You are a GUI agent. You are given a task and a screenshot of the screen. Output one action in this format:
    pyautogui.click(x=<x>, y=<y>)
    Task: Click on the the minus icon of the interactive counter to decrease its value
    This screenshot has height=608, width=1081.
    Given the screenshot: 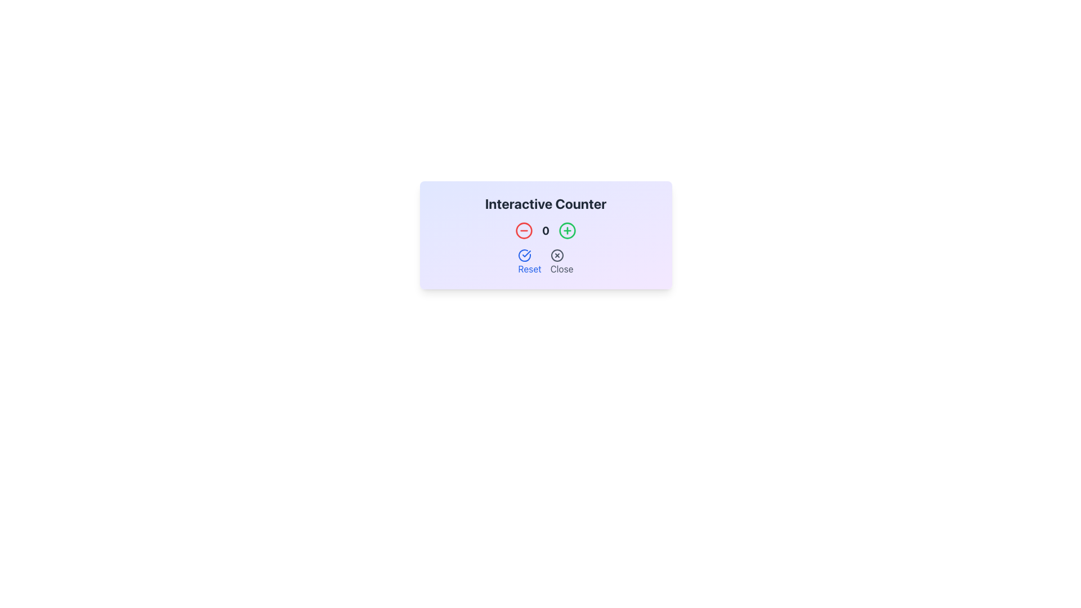 What is the action you would take?
    pyautogui.click(x=546, y=234)
    